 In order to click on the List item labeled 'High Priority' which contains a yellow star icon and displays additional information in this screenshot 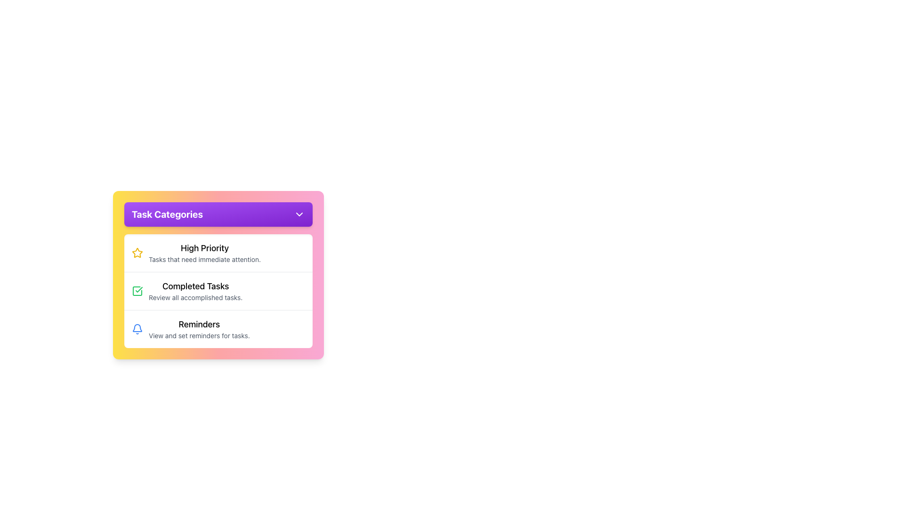, I will do `click(218, 252)`.